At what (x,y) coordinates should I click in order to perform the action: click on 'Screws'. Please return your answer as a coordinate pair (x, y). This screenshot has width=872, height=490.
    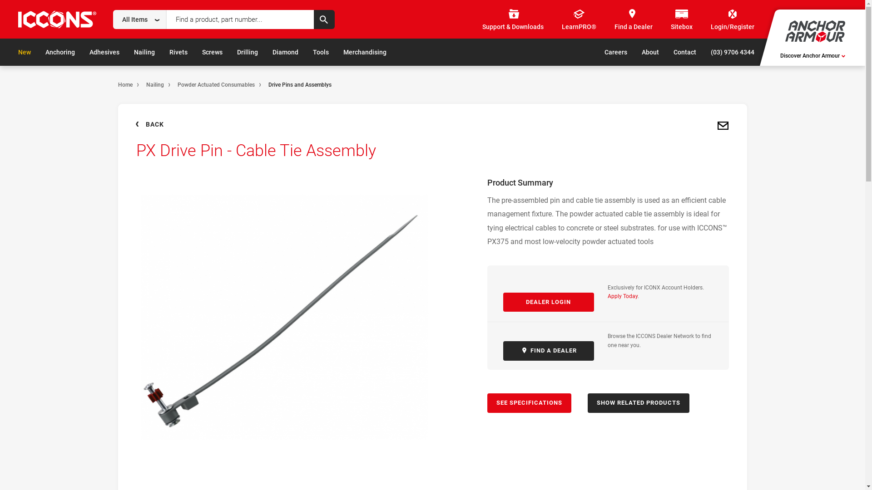
    Looking at the image, I should click on (212, 52).